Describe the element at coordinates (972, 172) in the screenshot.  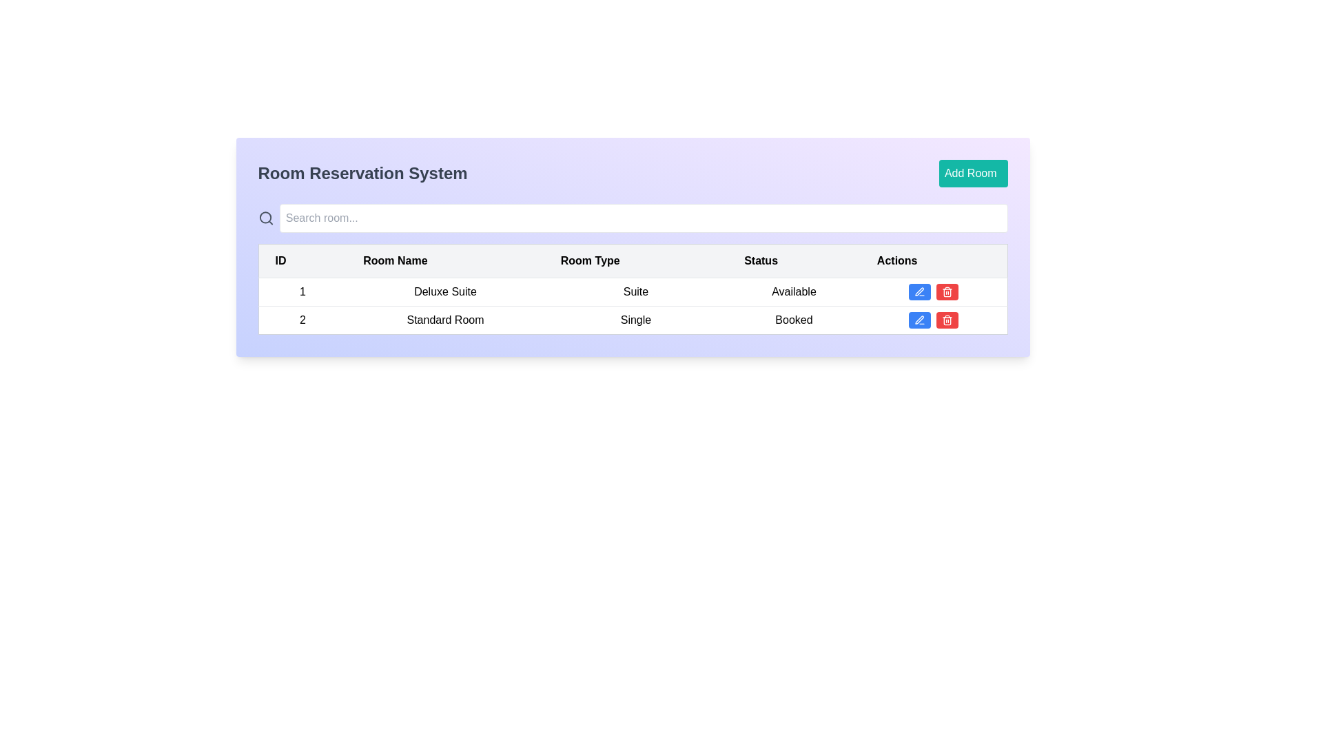
I see `the teal 'Add Room' button with rounded corners` at that location.